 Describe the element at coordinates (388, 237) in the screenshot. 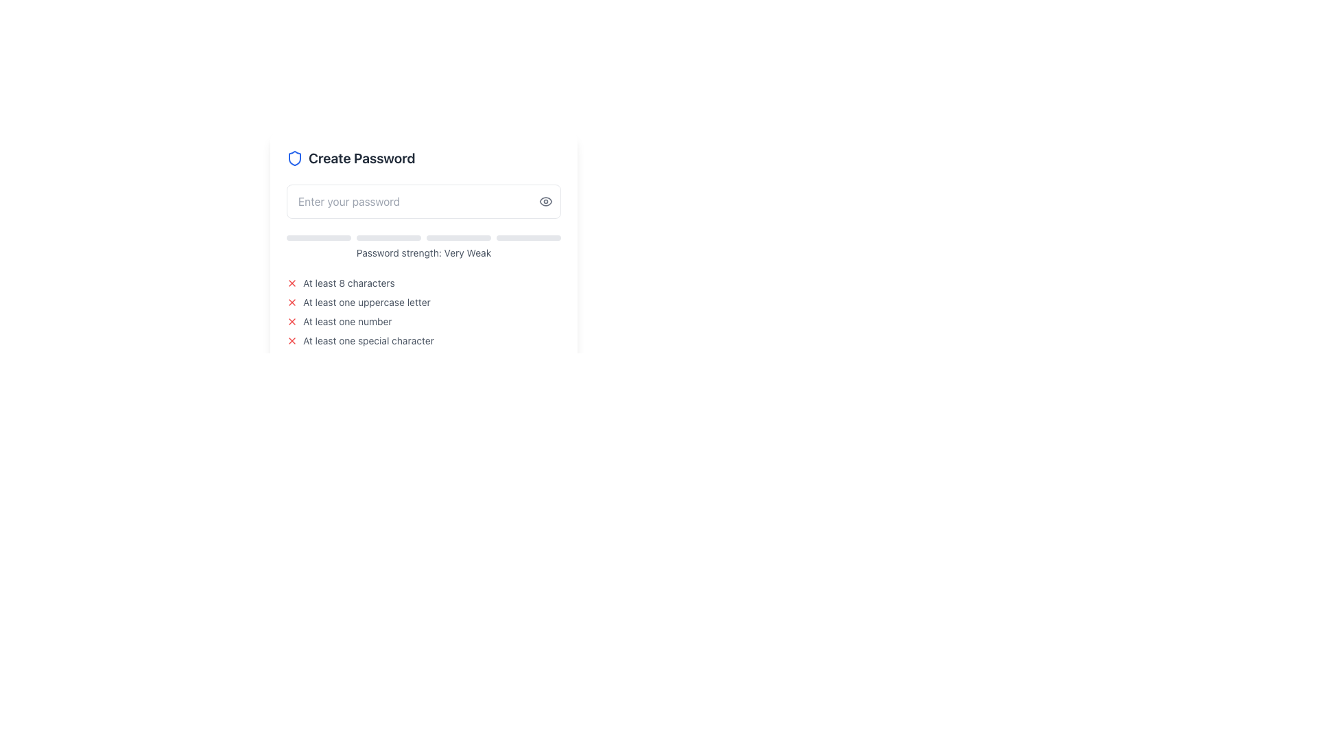

I see `the second progress bar segment, which is a light gray thin rectangular bar with rounded edges, located below the password input field` at that location.